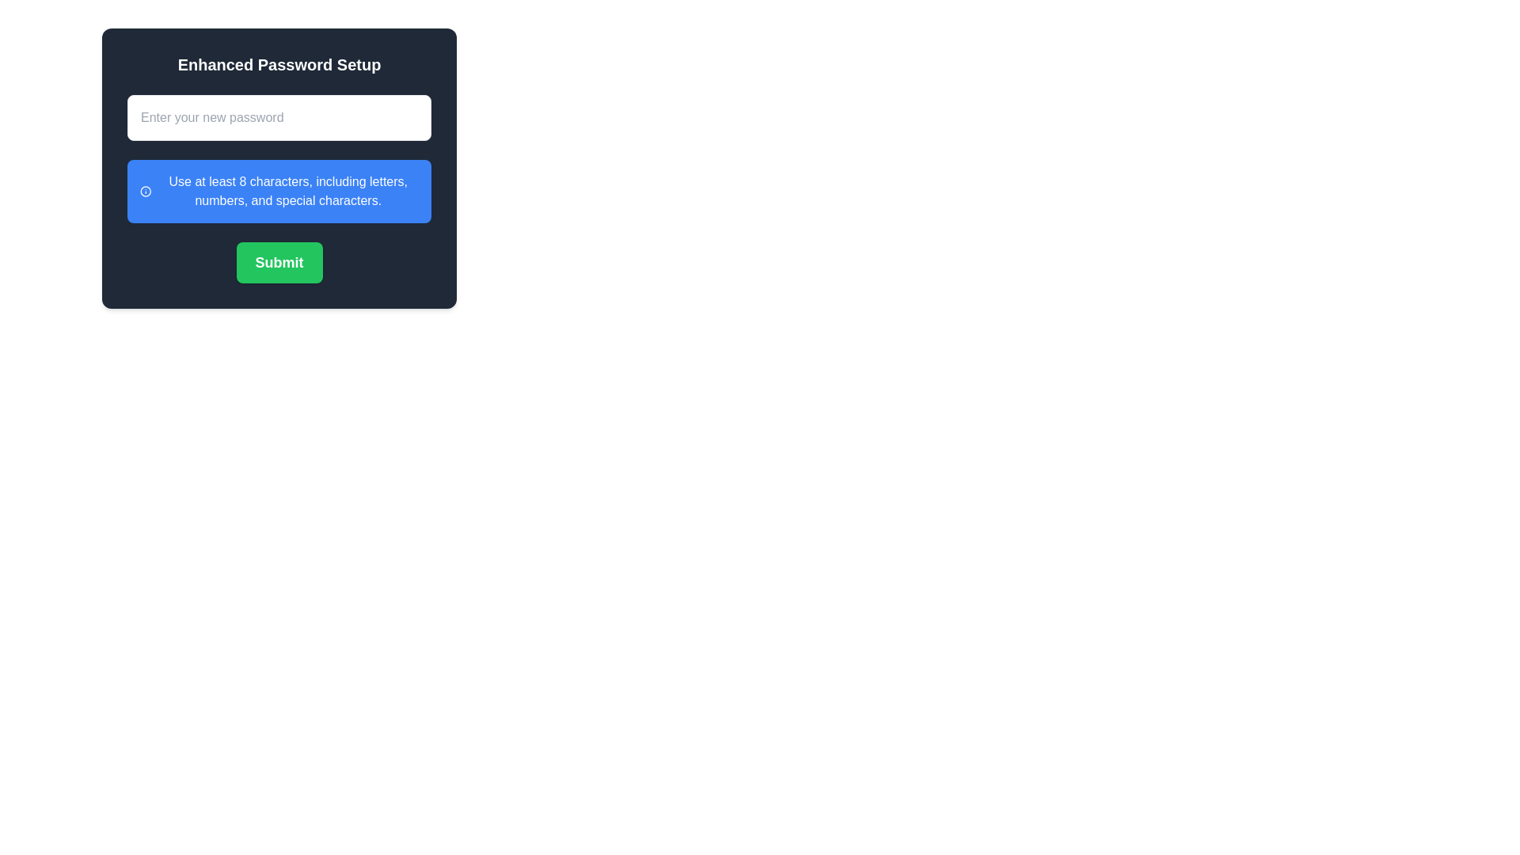 This screenshot has width=1520, height=855. What do you see at coordinates (409, 117) in the screenshot?
I see `the visibility toggle button for the password input` at bounding box center [409, 117].